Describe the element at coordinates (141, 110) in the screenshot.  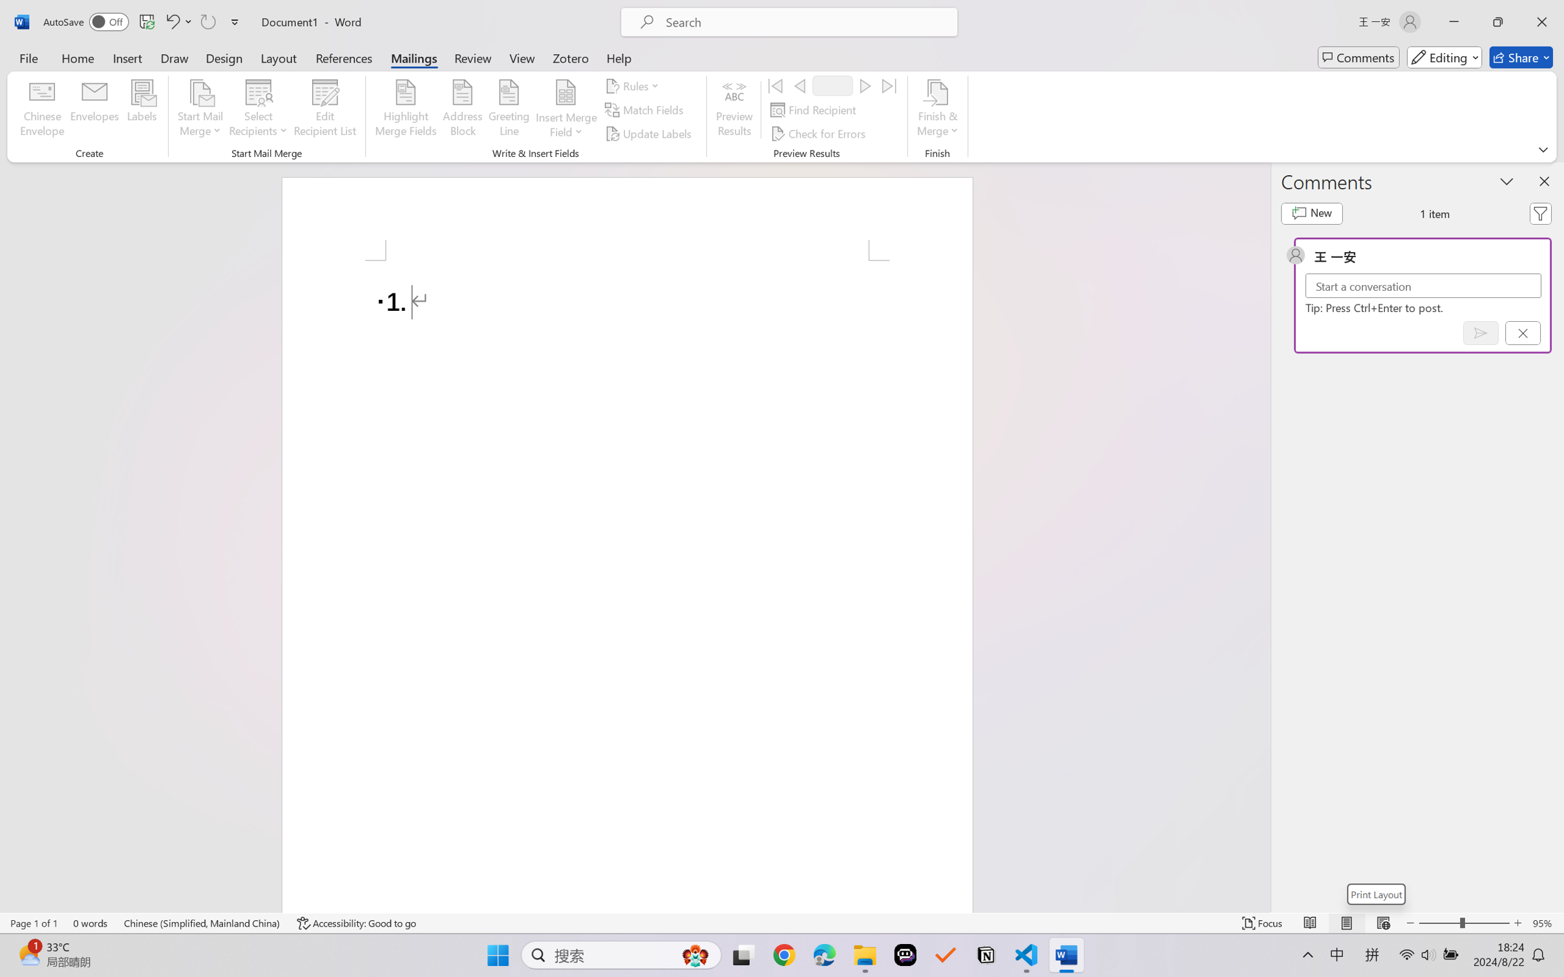
I see `'Labels...'` at that location.